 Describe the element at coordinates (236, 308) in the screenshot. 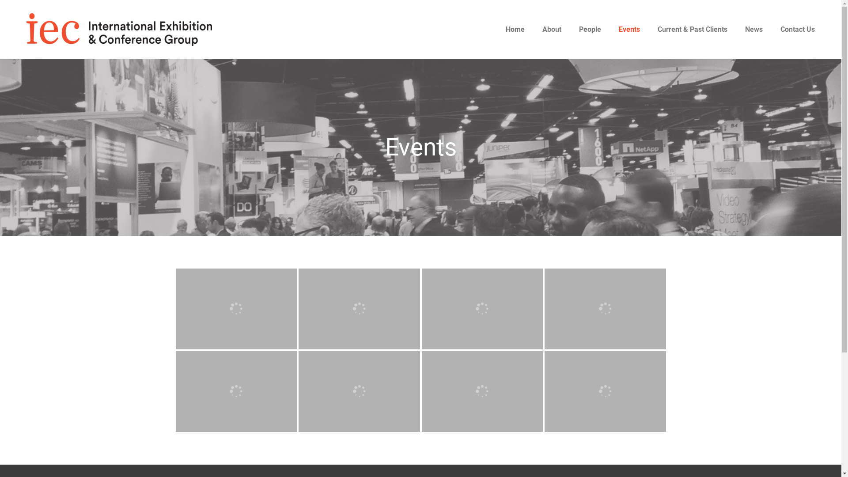

I see `'Our Events - Modern Manufacturing Expo'` at that location.